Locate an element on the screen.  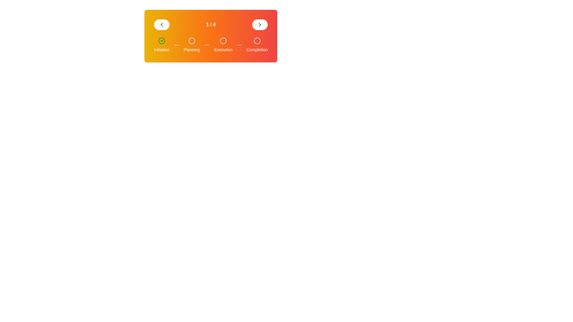
the horizontal separator line located between the 'Execution' and 'Completion' icons in the process steps is located at coordinates (239, 44).